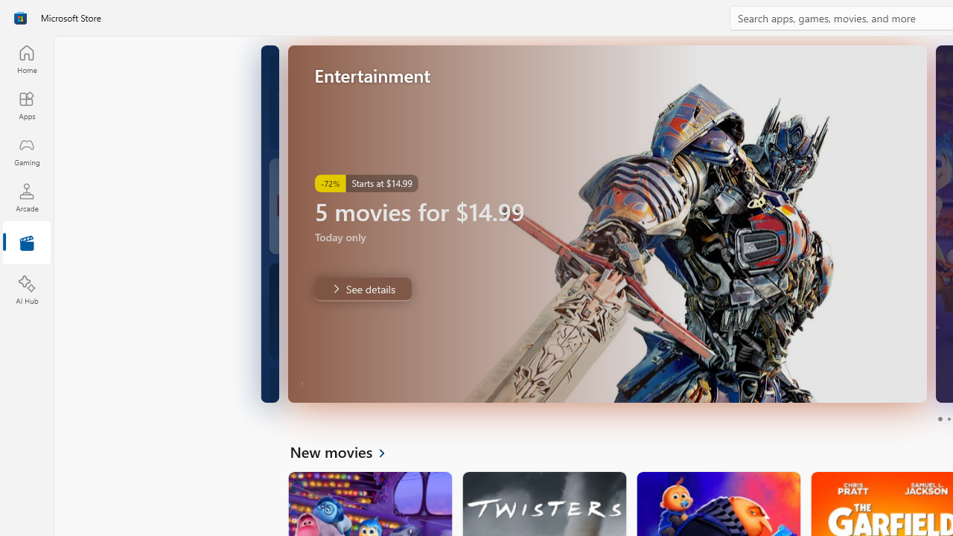 The width and height of the screenshot is (953, 536). What do you see at coordinates (26, 197) in the screenshot?
I see `'Arcade'` at bounding box center [26, 197].